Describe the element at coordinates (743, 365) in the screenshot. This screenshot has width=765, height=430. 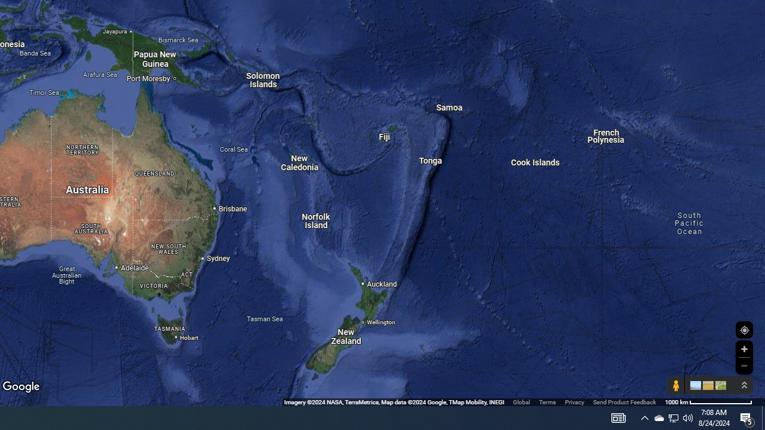
I see `'Zoom out'` at that location.